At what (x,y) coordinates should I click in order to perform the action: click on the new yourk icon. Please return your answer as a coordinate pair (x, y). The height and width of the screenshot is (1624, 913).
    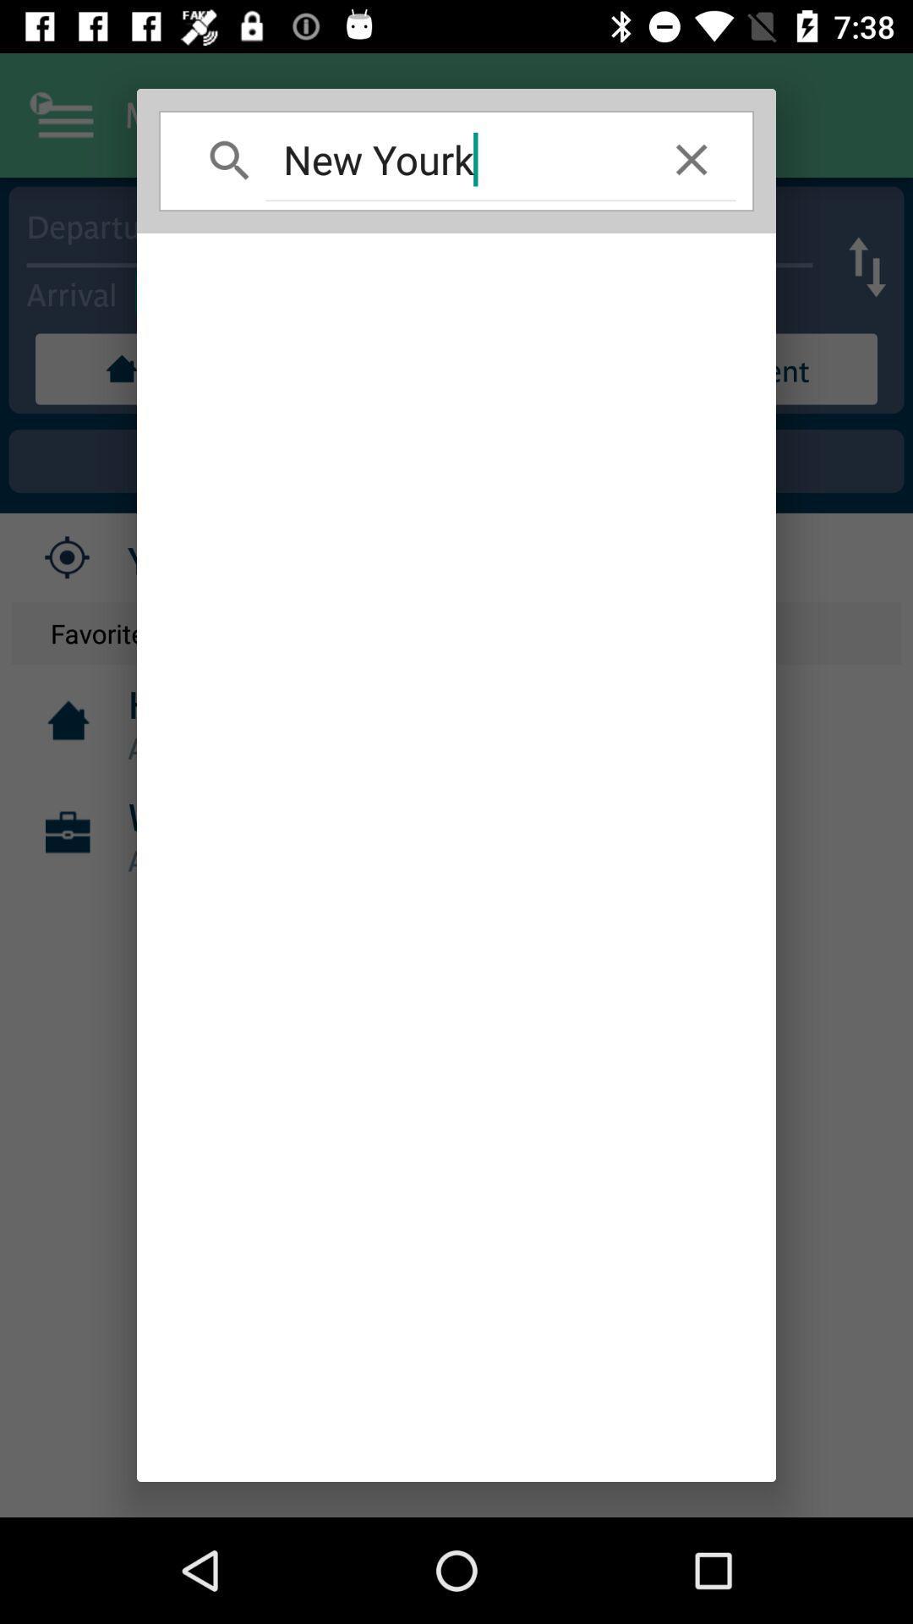
    Looking at the image, I should click on (456, 159).